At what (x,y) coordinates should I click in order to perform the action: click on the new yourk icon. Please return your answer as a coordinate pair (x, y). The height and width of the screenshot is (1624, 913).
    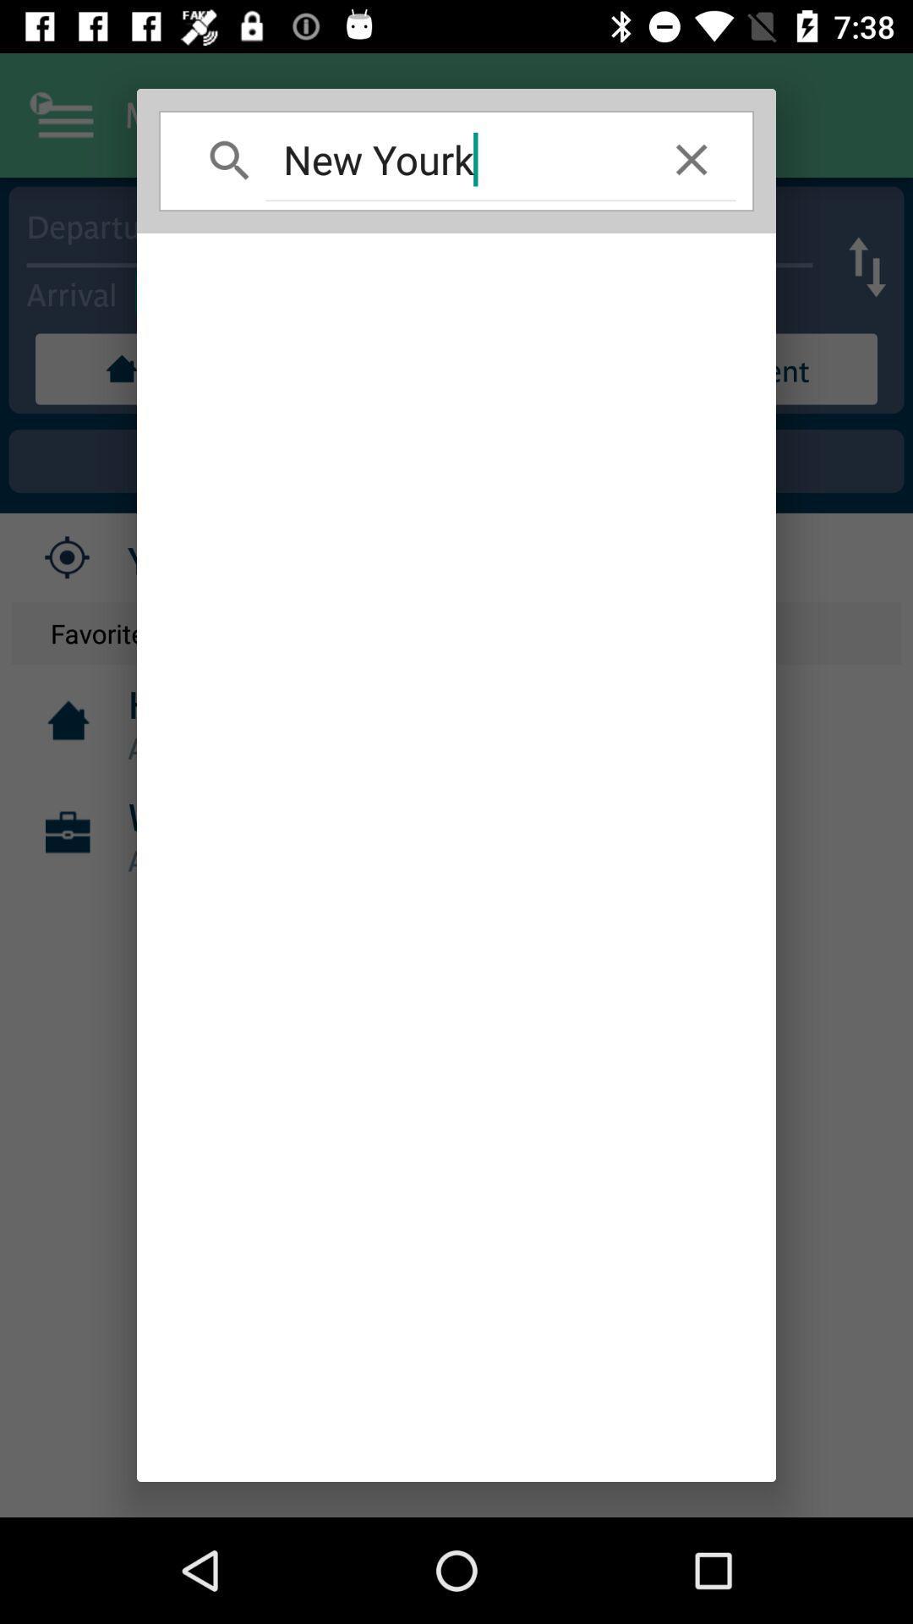
    Looking at the image, I should click on (456, 159).